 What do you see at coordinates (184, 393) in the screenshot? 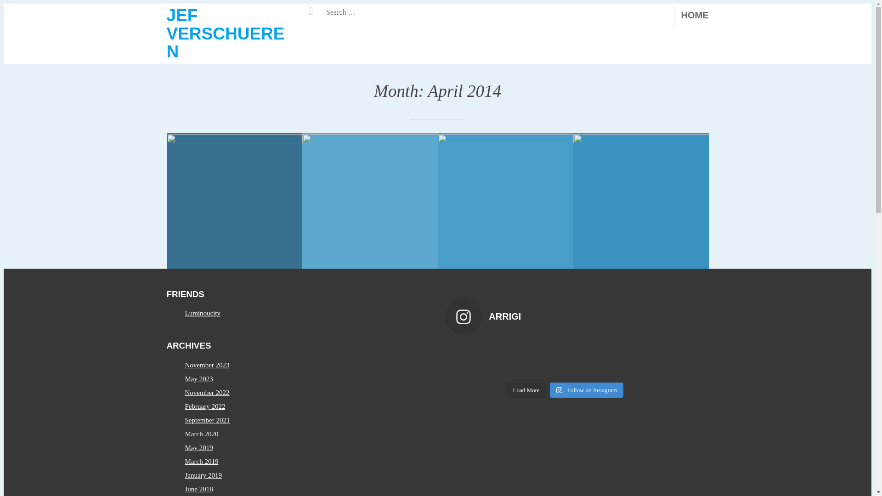
I see `'November 2022'` at bounding box center [184, 393].